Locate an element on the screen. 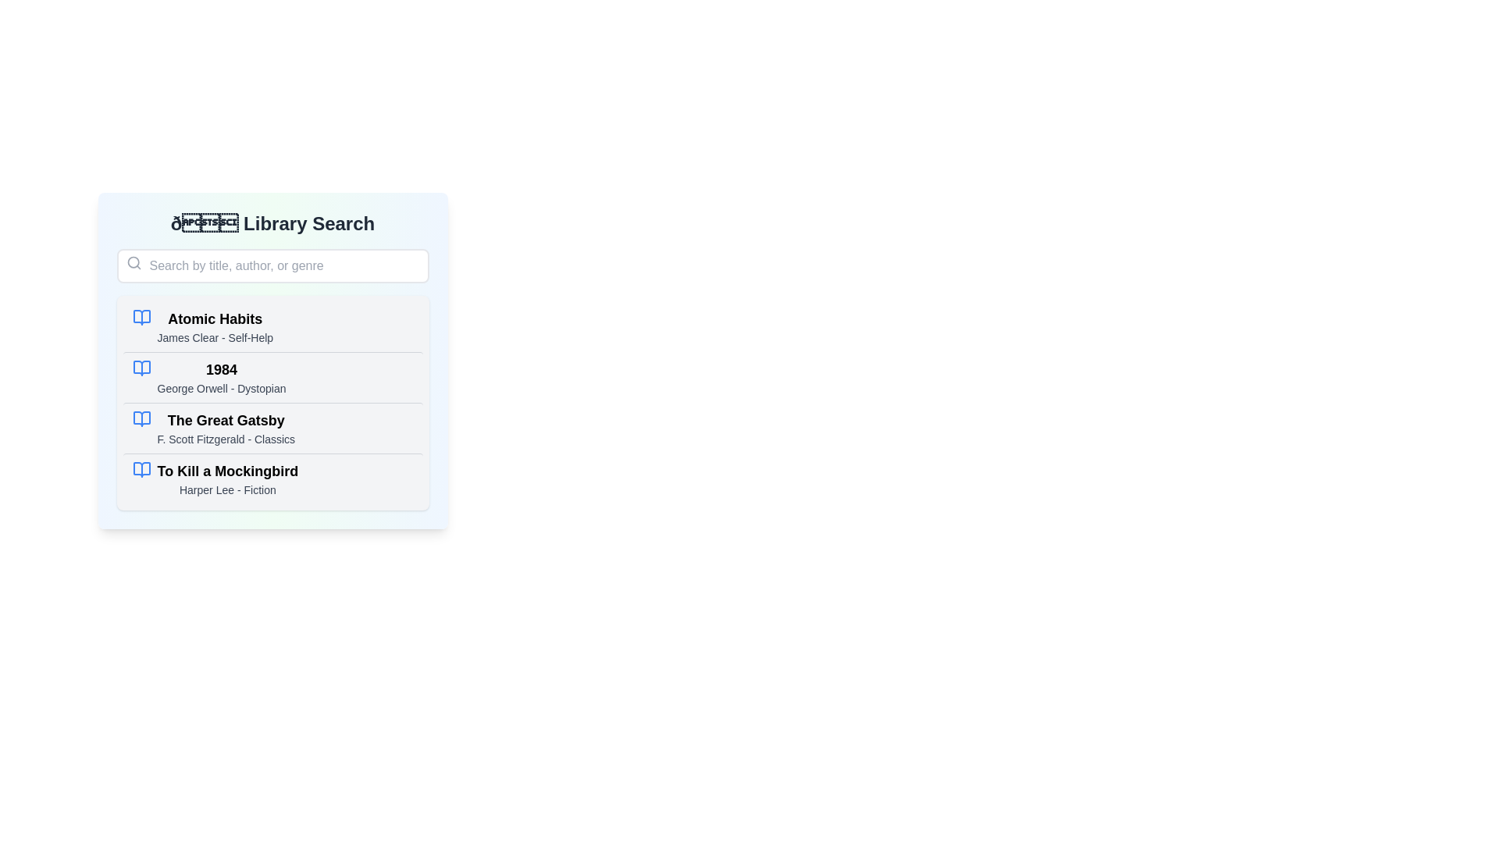  the text display component showing book details for '1984' by George Orwell is located at coordinates (220, 377).